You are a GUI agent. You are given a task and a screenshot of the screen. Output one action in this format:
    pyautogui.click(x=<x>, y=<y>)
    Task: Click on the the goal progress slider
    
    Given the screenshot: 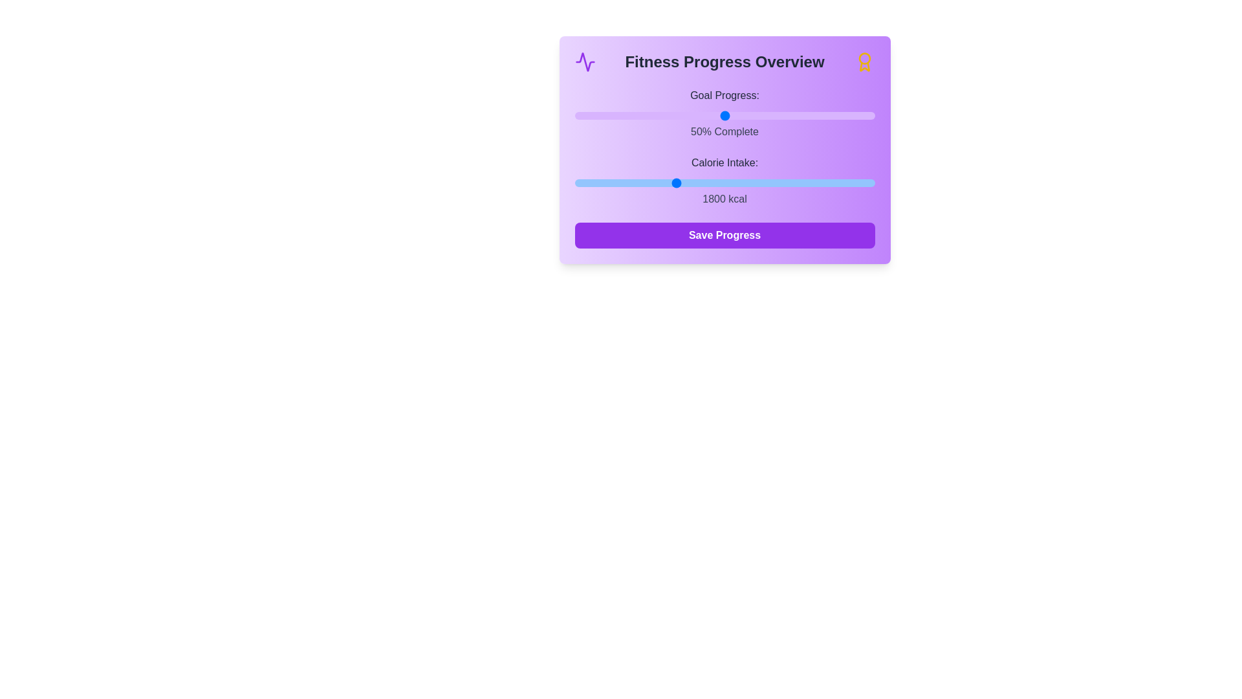 What is the action you would take?
    pyautogui.click(x=604, y=115)
    